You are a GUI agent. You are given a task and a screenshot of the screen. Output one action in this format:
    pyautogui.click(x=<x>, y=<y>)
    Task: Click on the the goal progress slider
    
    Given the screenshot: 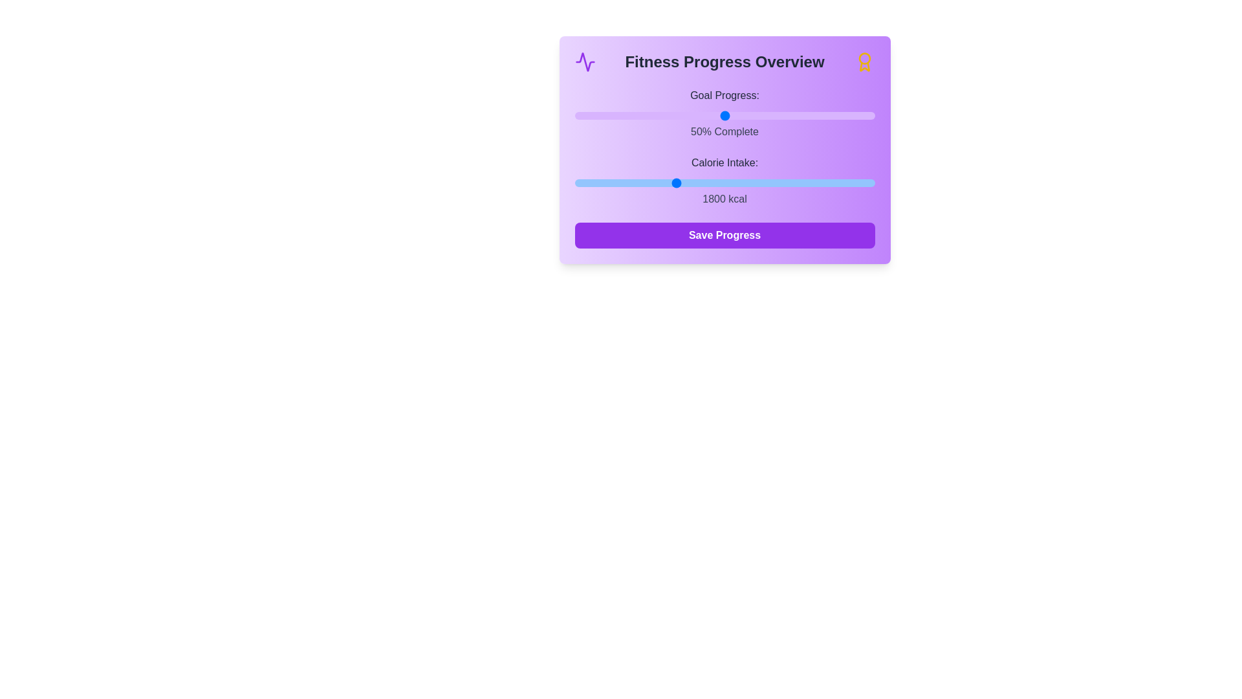 What is the action you would take?
    pyautogui.click(x=604, y=115)
    